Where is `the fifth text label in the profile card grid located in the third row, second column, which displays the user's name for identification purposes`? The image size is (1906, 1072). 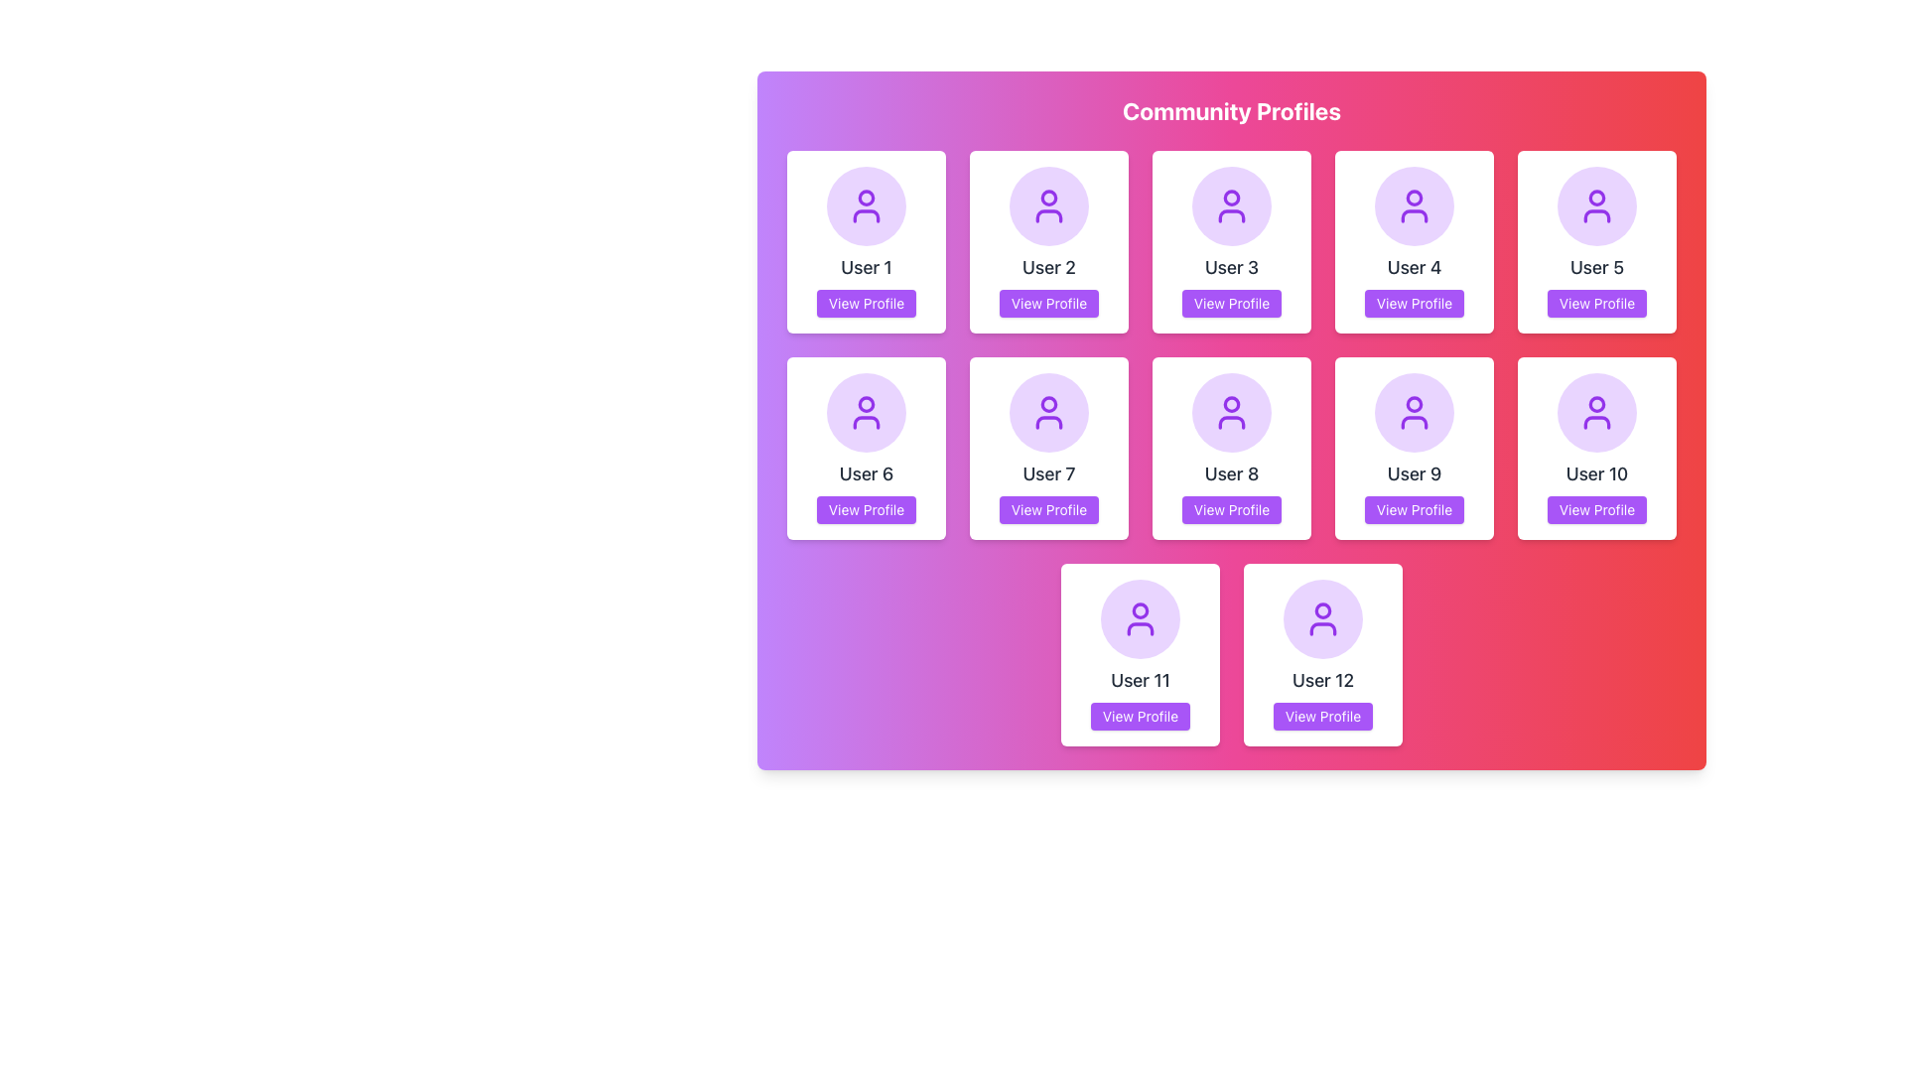
the fifth text label in the profile card grid located in the third row, second column, which displays the user's name for identification purposes is located at coordinates (1414, 474).